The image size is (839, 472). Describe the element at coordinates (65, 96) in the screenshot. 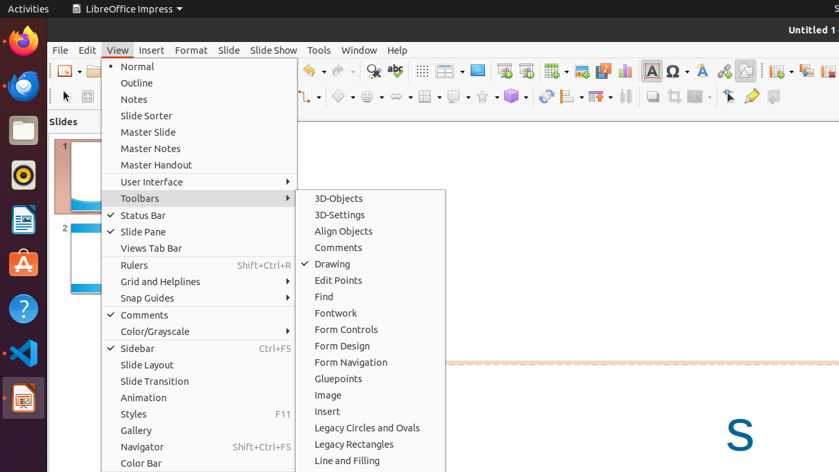

I see `'Select'` at that location.